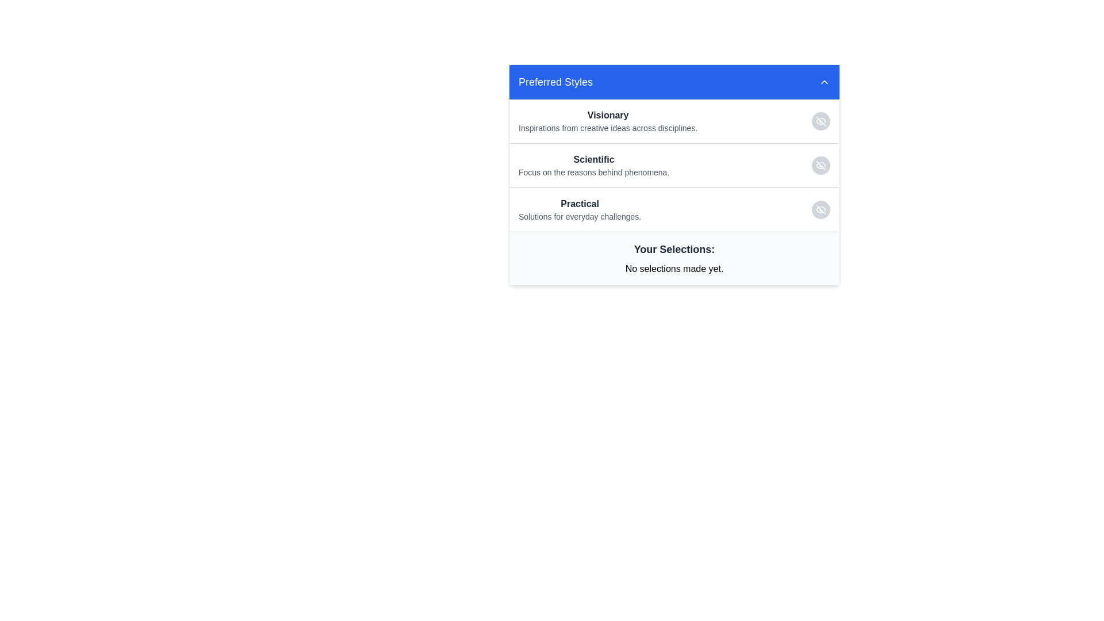 This screenshot has height=621, width=1104. What do you see at coordinates (821, 121) in the screenshot?
I see `the button located in the upper-right corner of the 'Visionary' item` at bounding box center [821, 121].